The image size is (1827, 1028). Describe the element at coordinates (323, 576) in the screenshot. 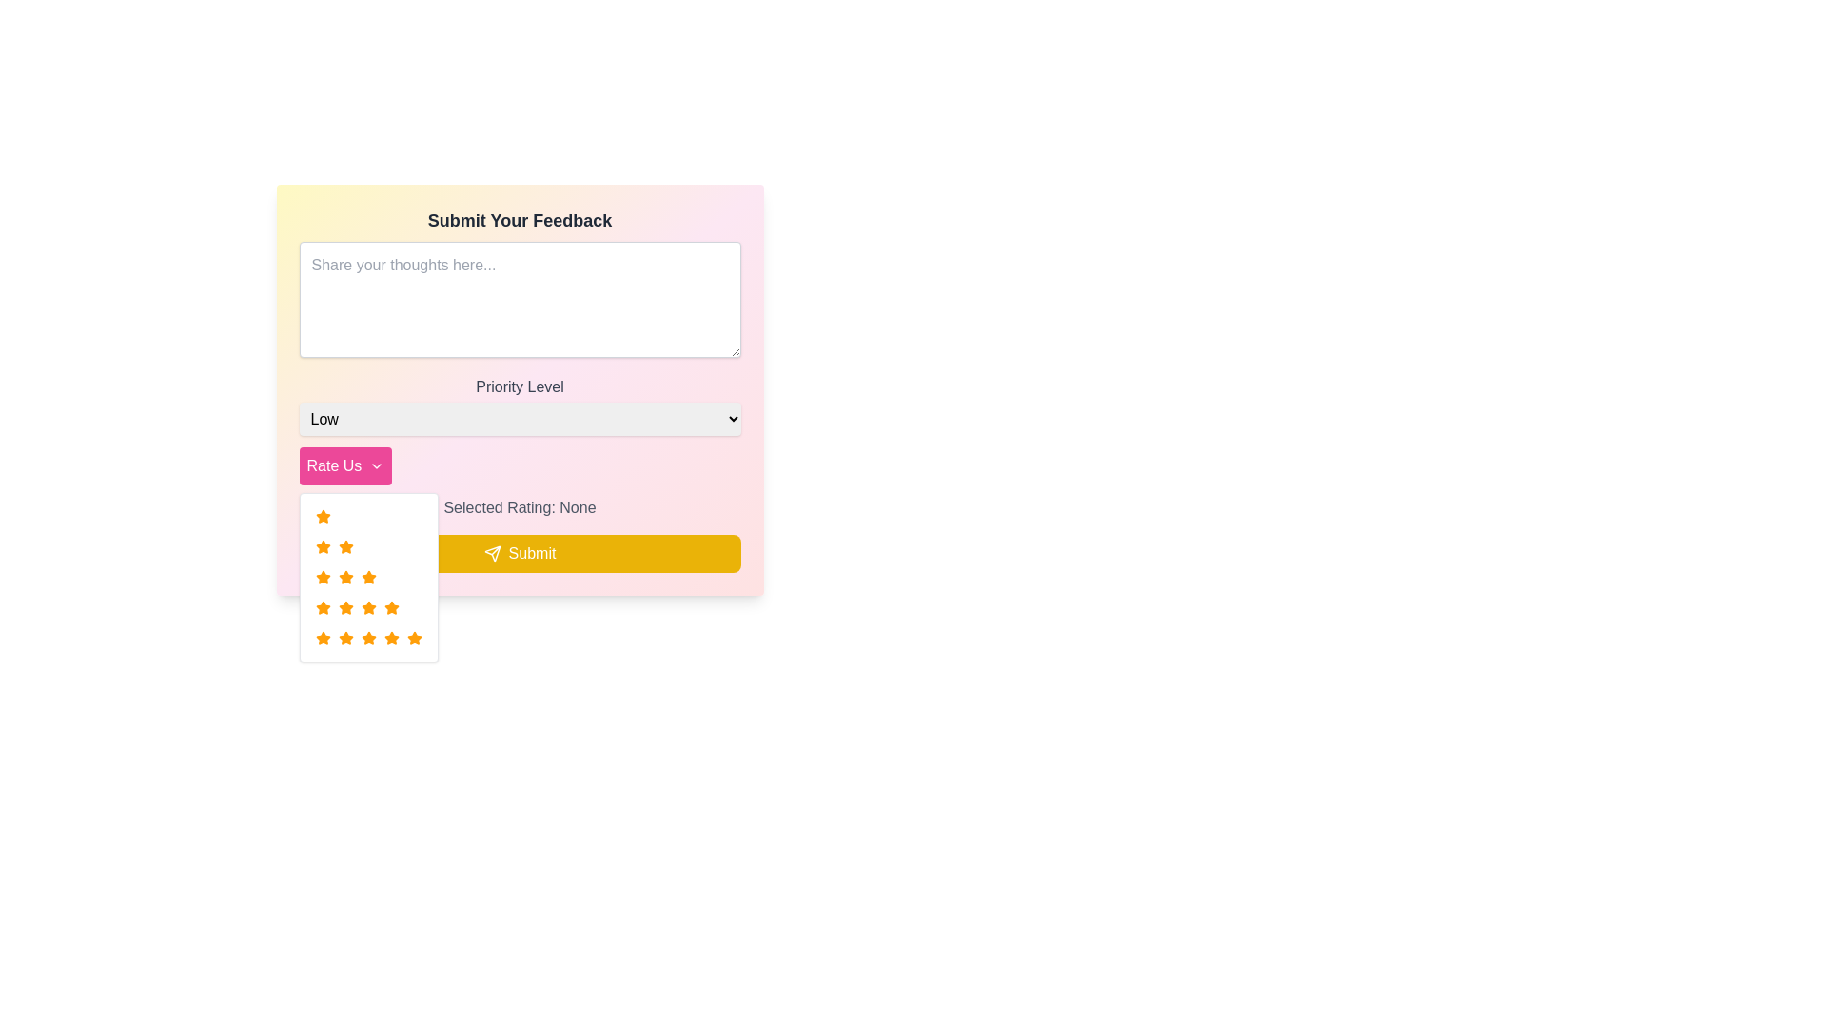

I see `the first star icon in the second row of the rating component's dropdown menu` at that location.